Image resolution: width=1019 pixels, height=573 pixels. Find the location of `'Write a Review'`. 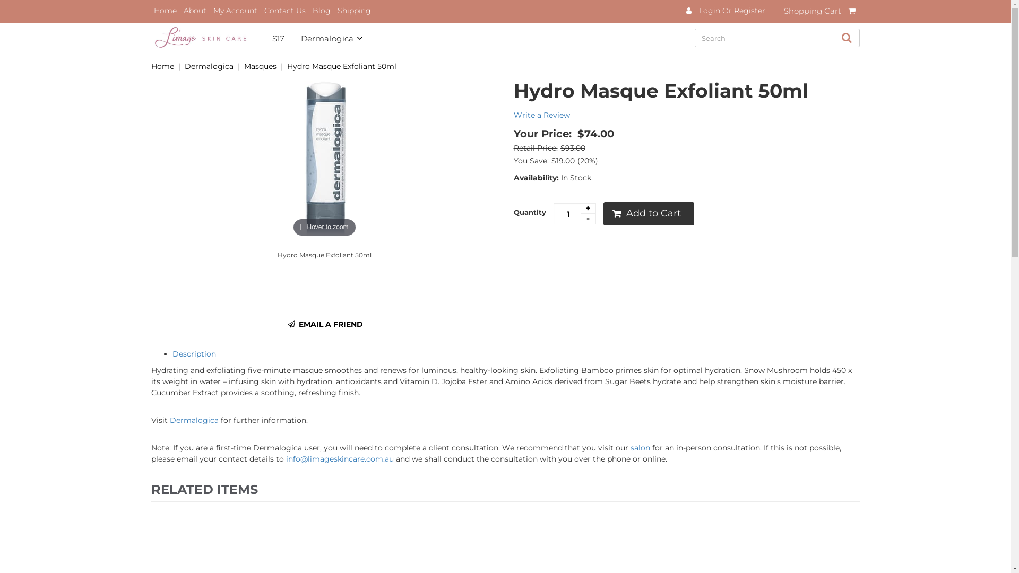

'Write a Review' is located at coordinates (514, 115).